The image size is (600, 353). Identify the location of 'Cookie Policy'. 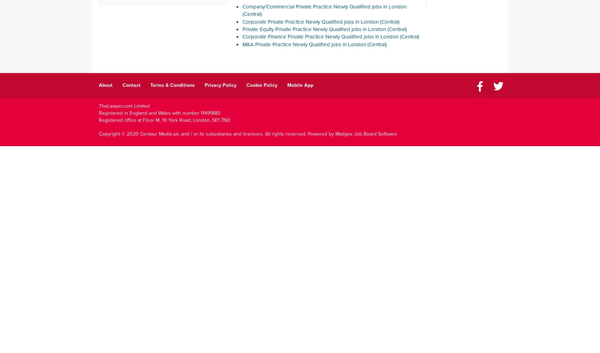
(262, 84).